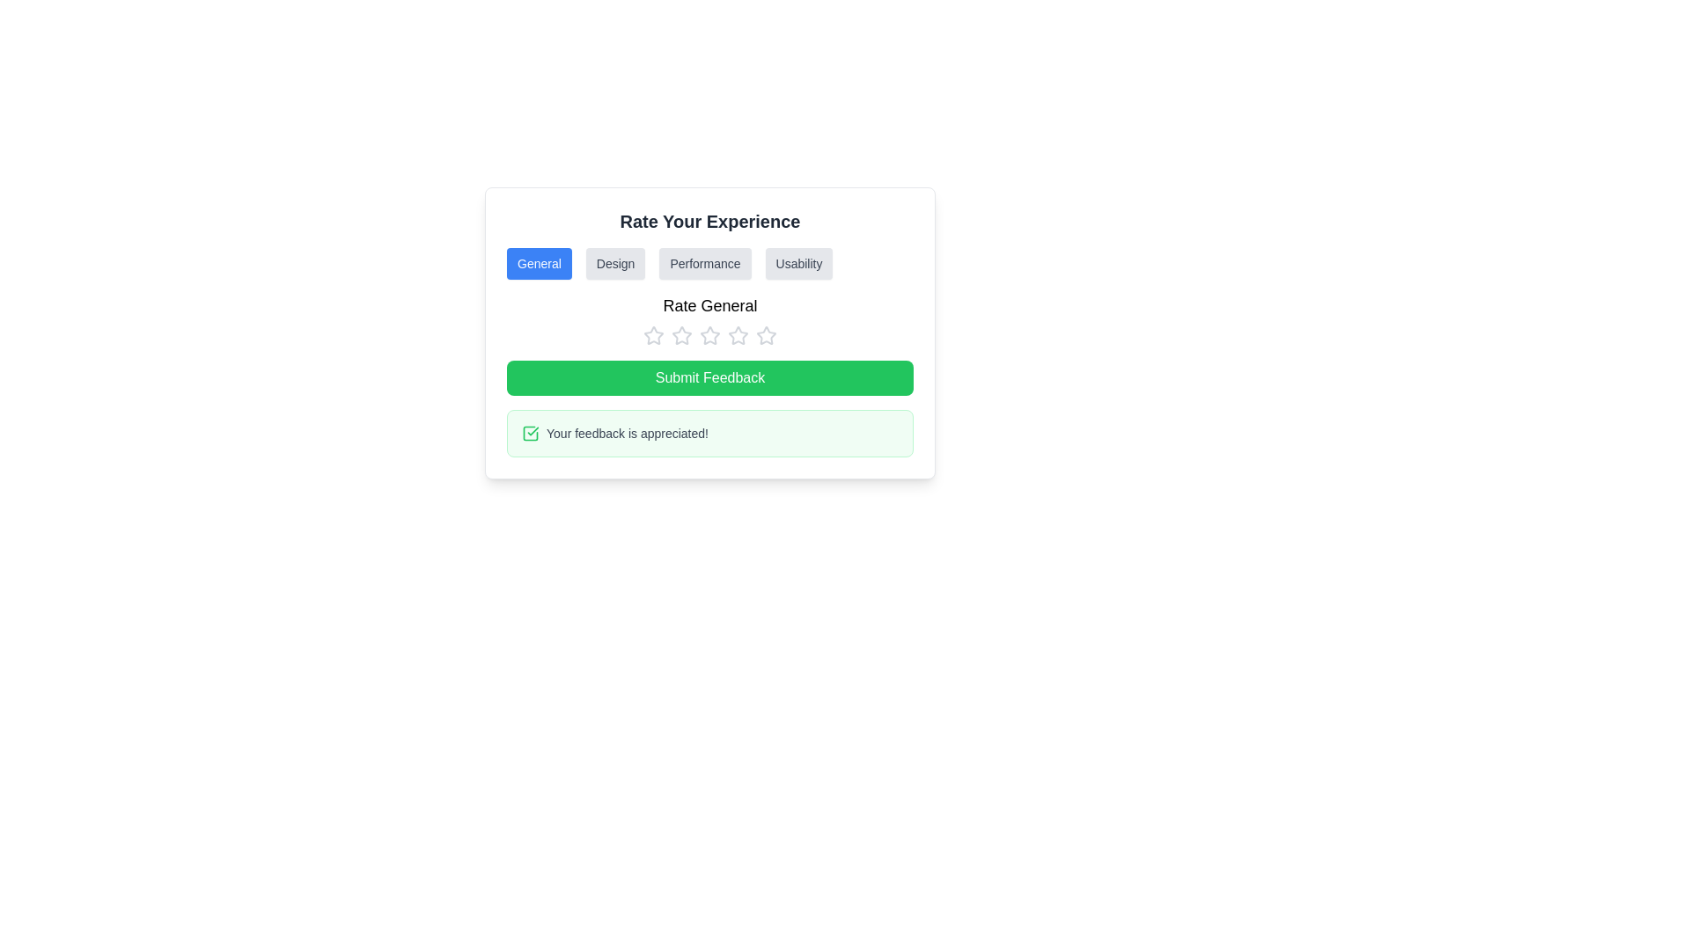 This screenshot has height=950, width=1690. Describe the element at coordinates (538, 264) in the screenshot. I see `the rectangular button labeled 'General' with a blue background` at that location.